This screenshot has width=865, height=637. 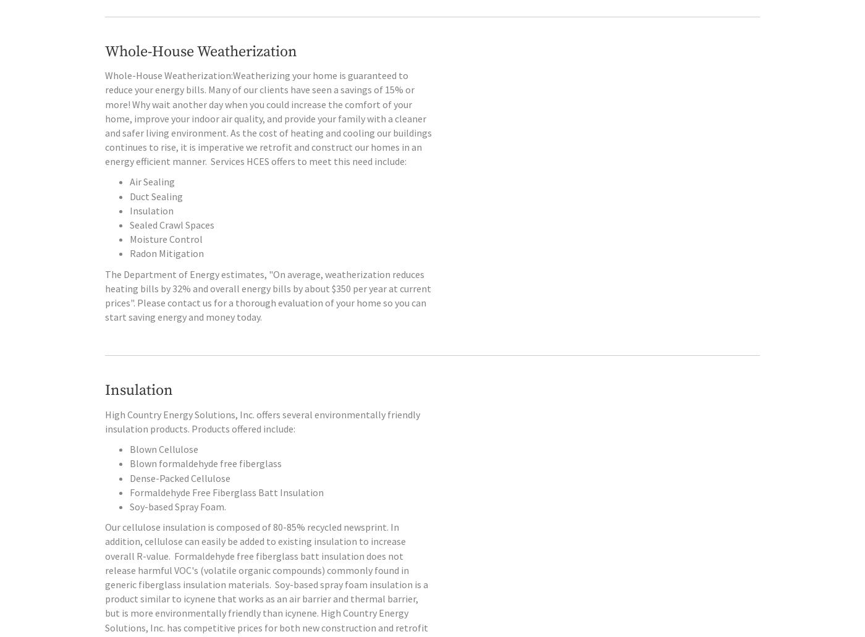 What do you see at coordinates (167, 279) in the screenshot?
I see `'Radon Mitigation'` at bounding box center [167, 279].